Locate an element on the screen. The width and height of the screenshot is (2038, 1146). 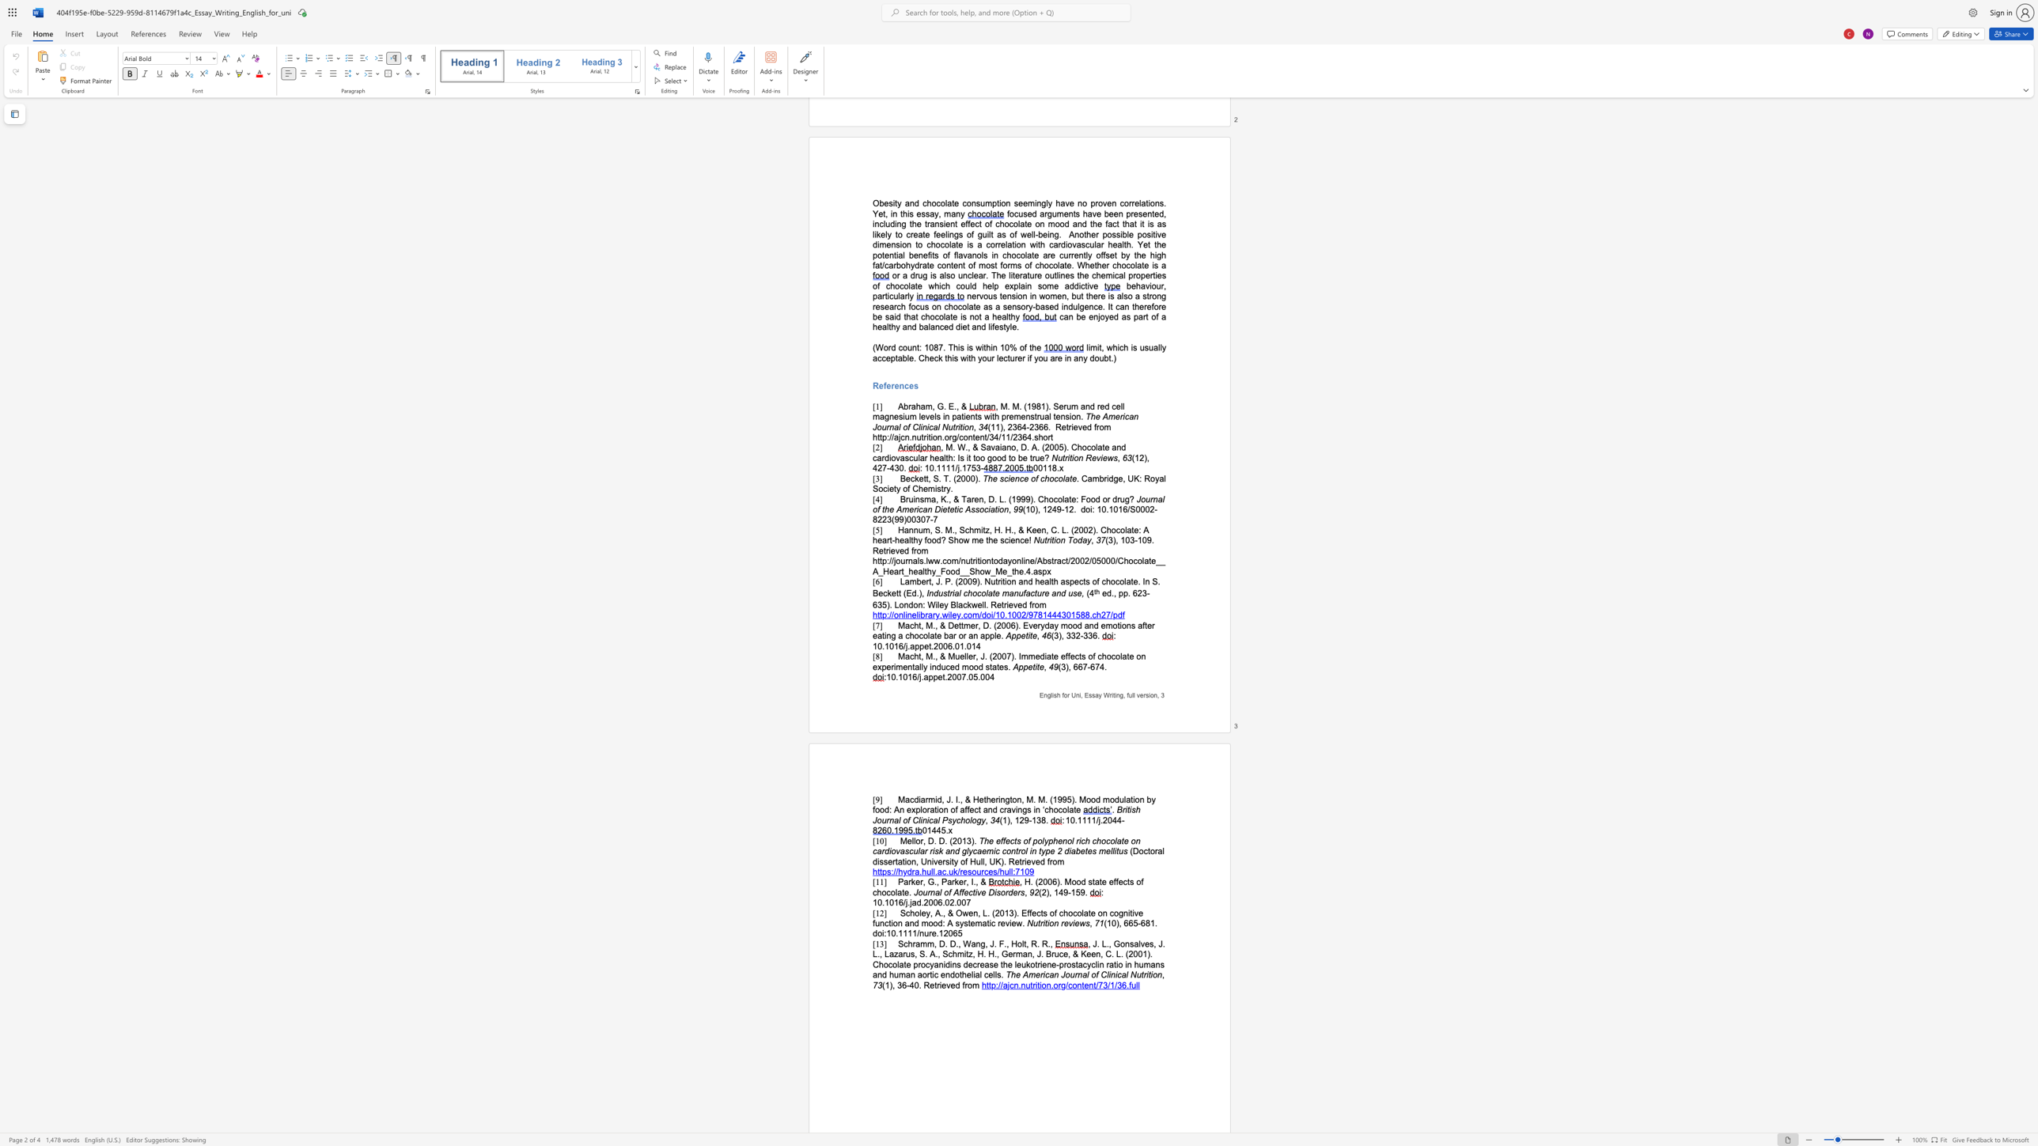
the subset text "cts of polyphenol rich chocolate on cardiovascular risk and glycaemic control in" within the text "The effects of polyphenol rich chocolate on cardiovascular risk and glycaemic control in type 2 diabetes mellitus" is located at coordinates (1010, 840).